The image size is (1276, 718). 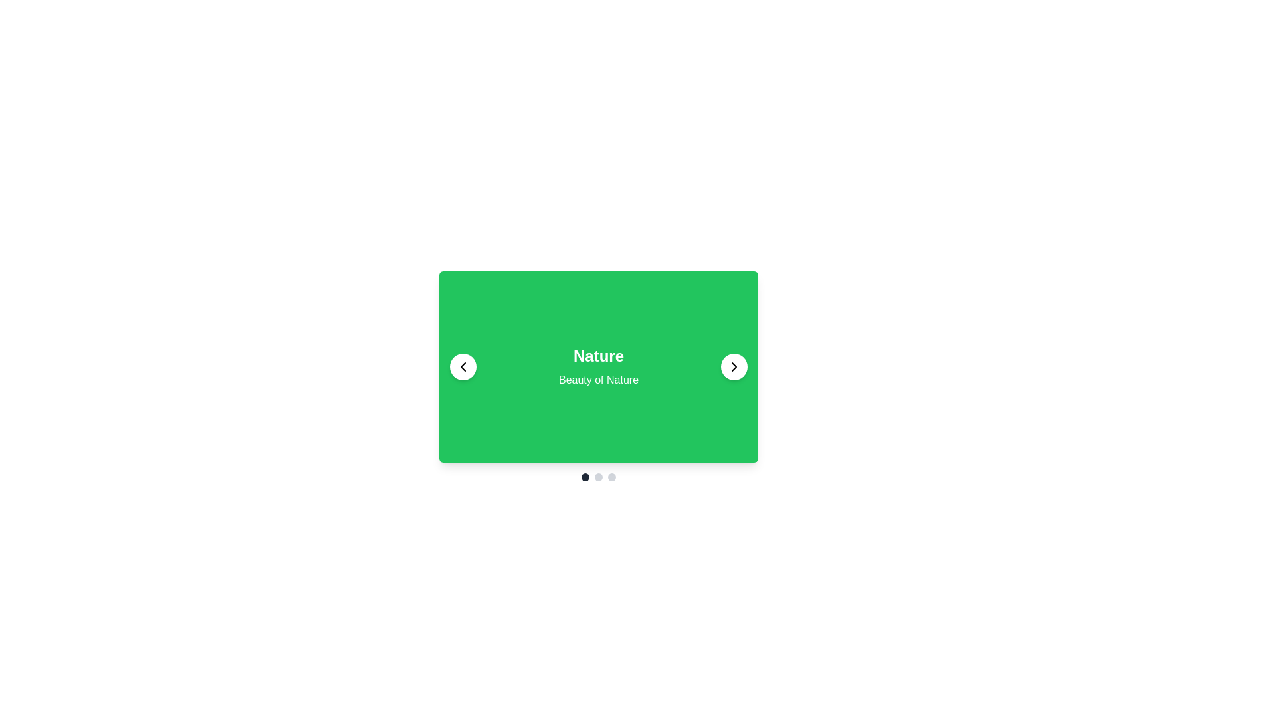 What do you see at coordinates (463, 366) in the screenshot?
I see `the left circular button located at the left edge of the green card` at bounding box center [463, 366].